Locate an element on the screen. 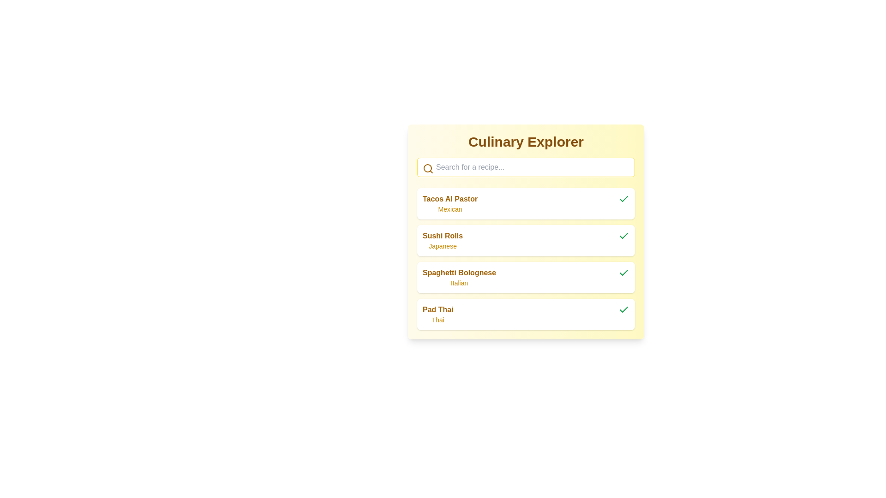 Image resolution: width=886 pixels, height=498 pixels. the third item in the list labeled 'Spaghetti Bolognese' within the yellow box 'Culinary Explorer' is located at coordinates (526, 277).